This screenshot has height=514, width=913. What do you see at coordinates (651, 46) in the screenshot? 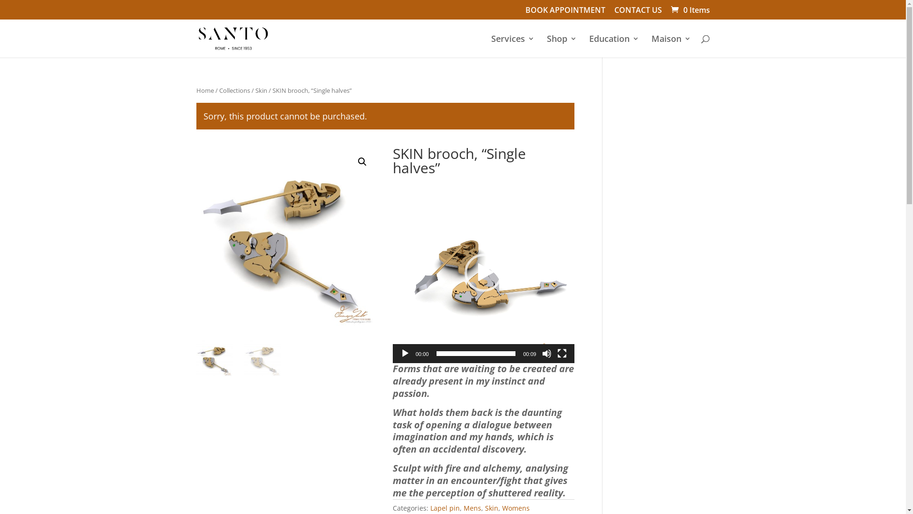
I see `'Maison'` at bounding box center [651, 46].